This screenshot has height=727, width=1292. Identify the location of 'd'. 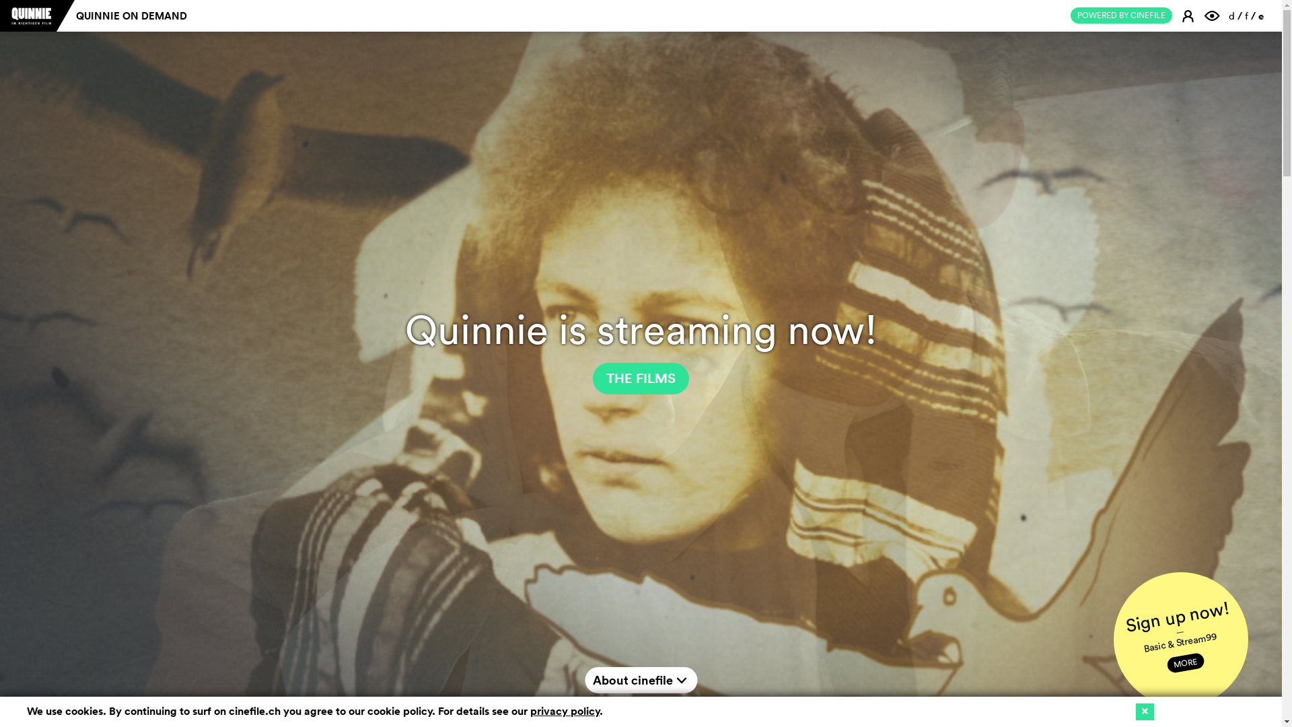
(1231, 15).